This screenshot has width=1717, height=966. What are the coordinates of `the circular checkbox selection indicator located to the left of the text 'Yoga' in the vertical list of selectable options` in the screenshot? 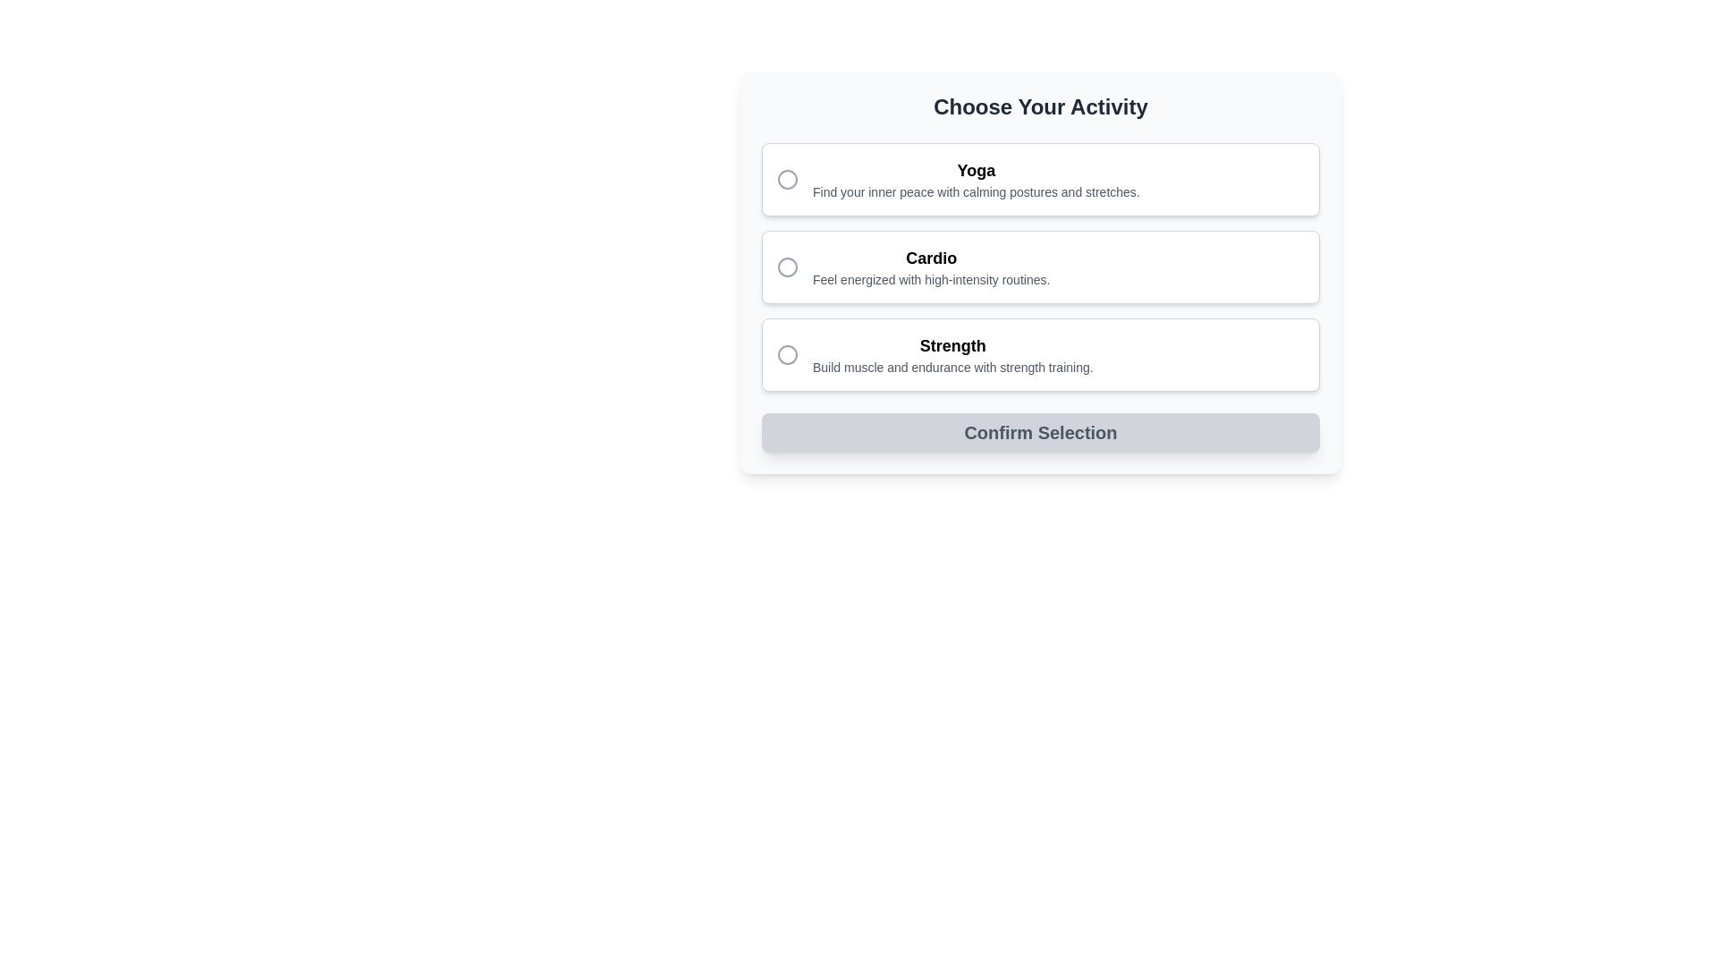 It's located at (787, 179).